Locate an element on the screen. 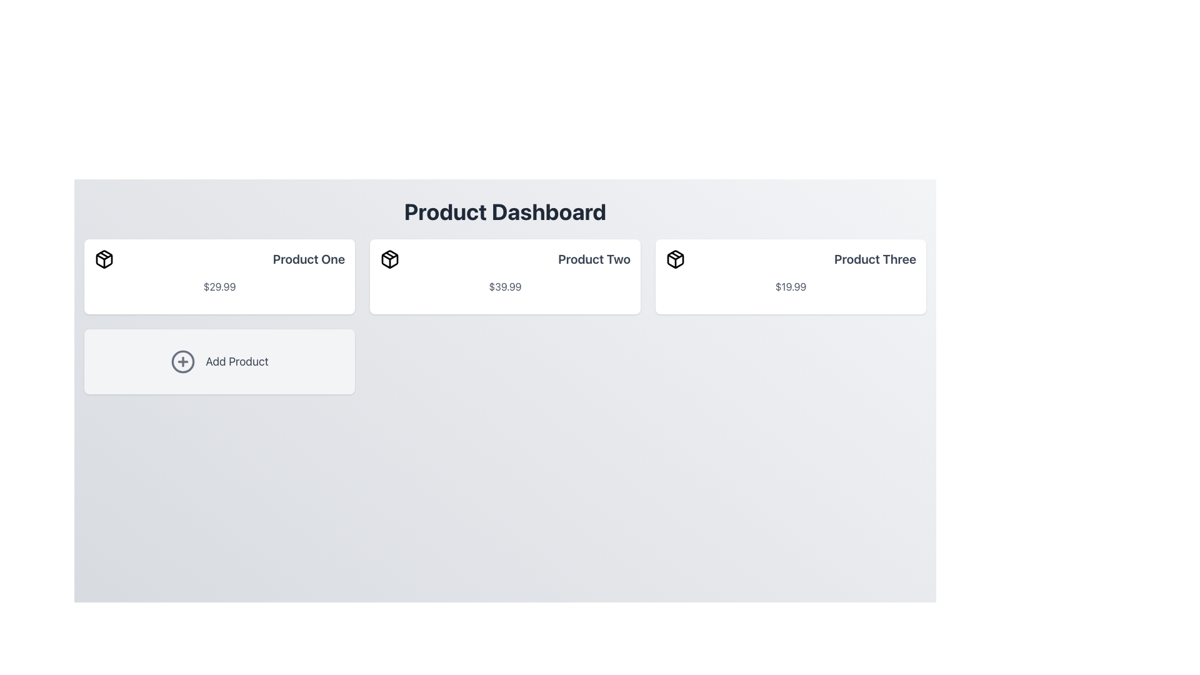  the icon representing the action of adding a new product, located at the leftmost part of the 'Add Product' button in the second row below the 'Product One' card is located at coordinates (182, 361).